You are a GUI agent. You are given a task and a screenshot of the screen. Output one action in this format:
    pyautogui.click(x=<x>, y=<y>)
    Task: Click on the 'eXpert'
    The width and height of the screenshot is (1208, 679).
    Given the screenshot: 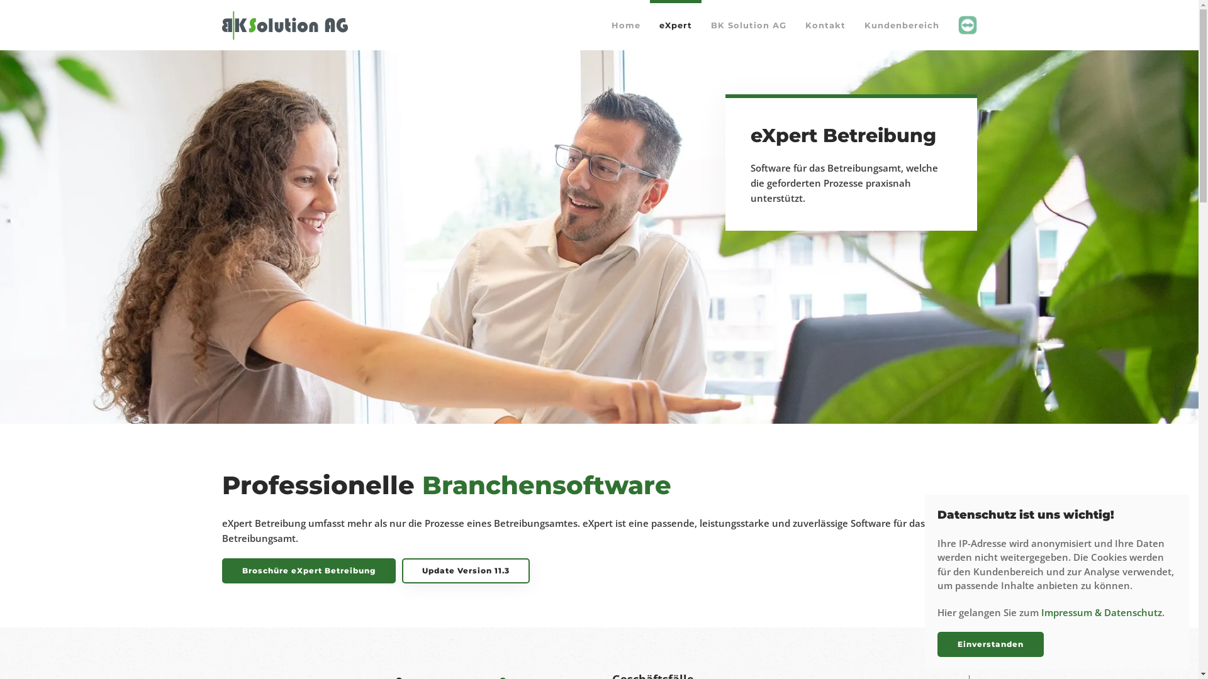 What is the action you would take?
    pyautogui.click(x=674, y=25)
    